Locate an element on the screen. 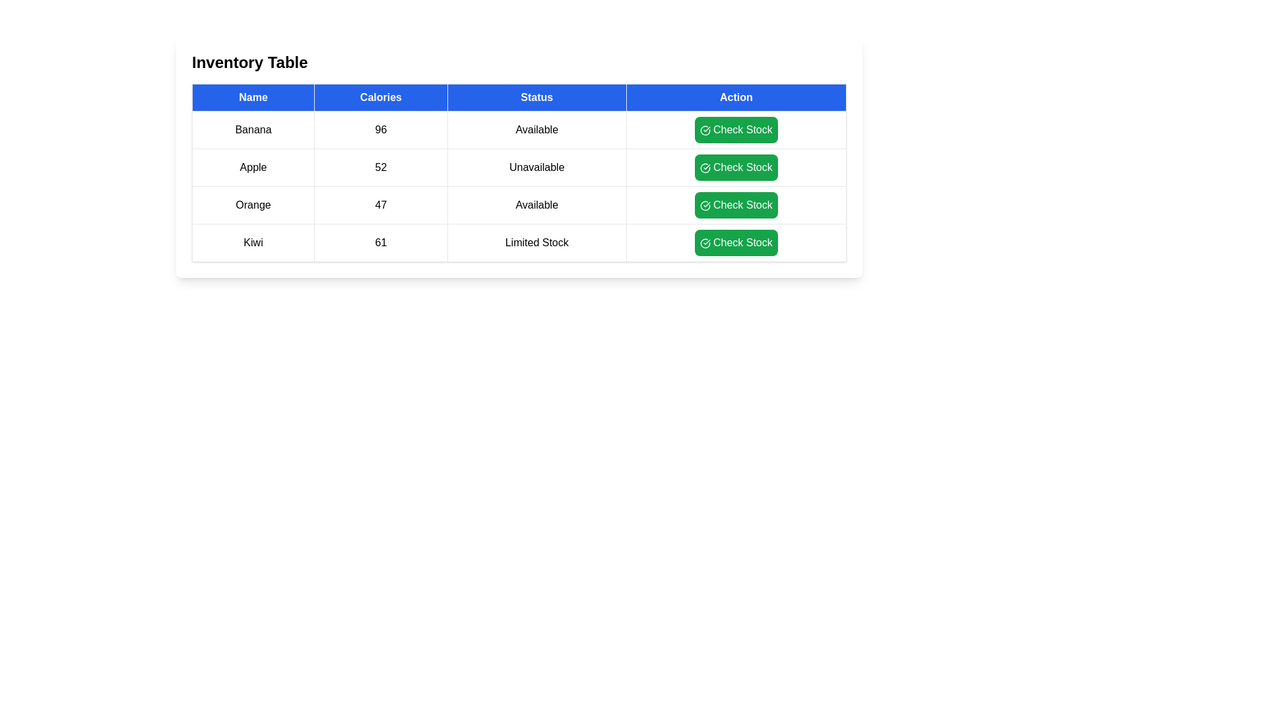  the header column Name to sort the table by that column is located at coordinates (253, 96).